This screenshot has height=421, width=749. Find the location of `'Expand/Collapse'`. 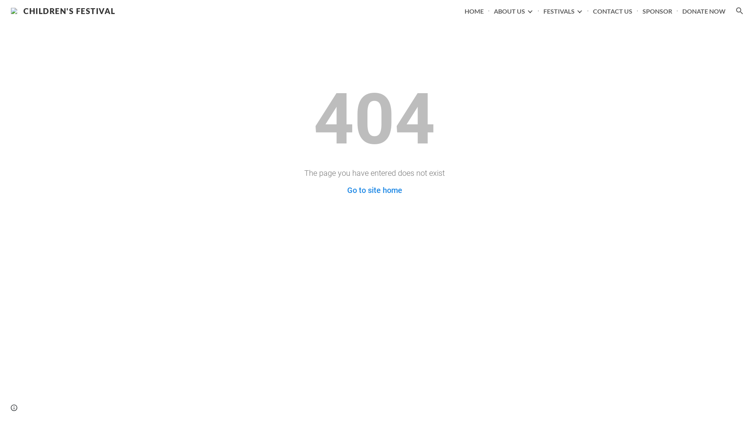

'Expand/Collapse' is located at coordinates (526, 11).